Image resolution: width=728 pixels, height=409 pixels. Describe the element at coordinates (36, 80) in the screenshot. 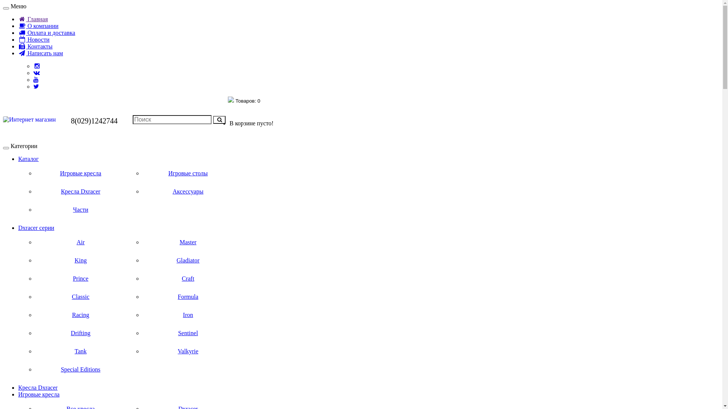

I see `' - youtube'` at that location.